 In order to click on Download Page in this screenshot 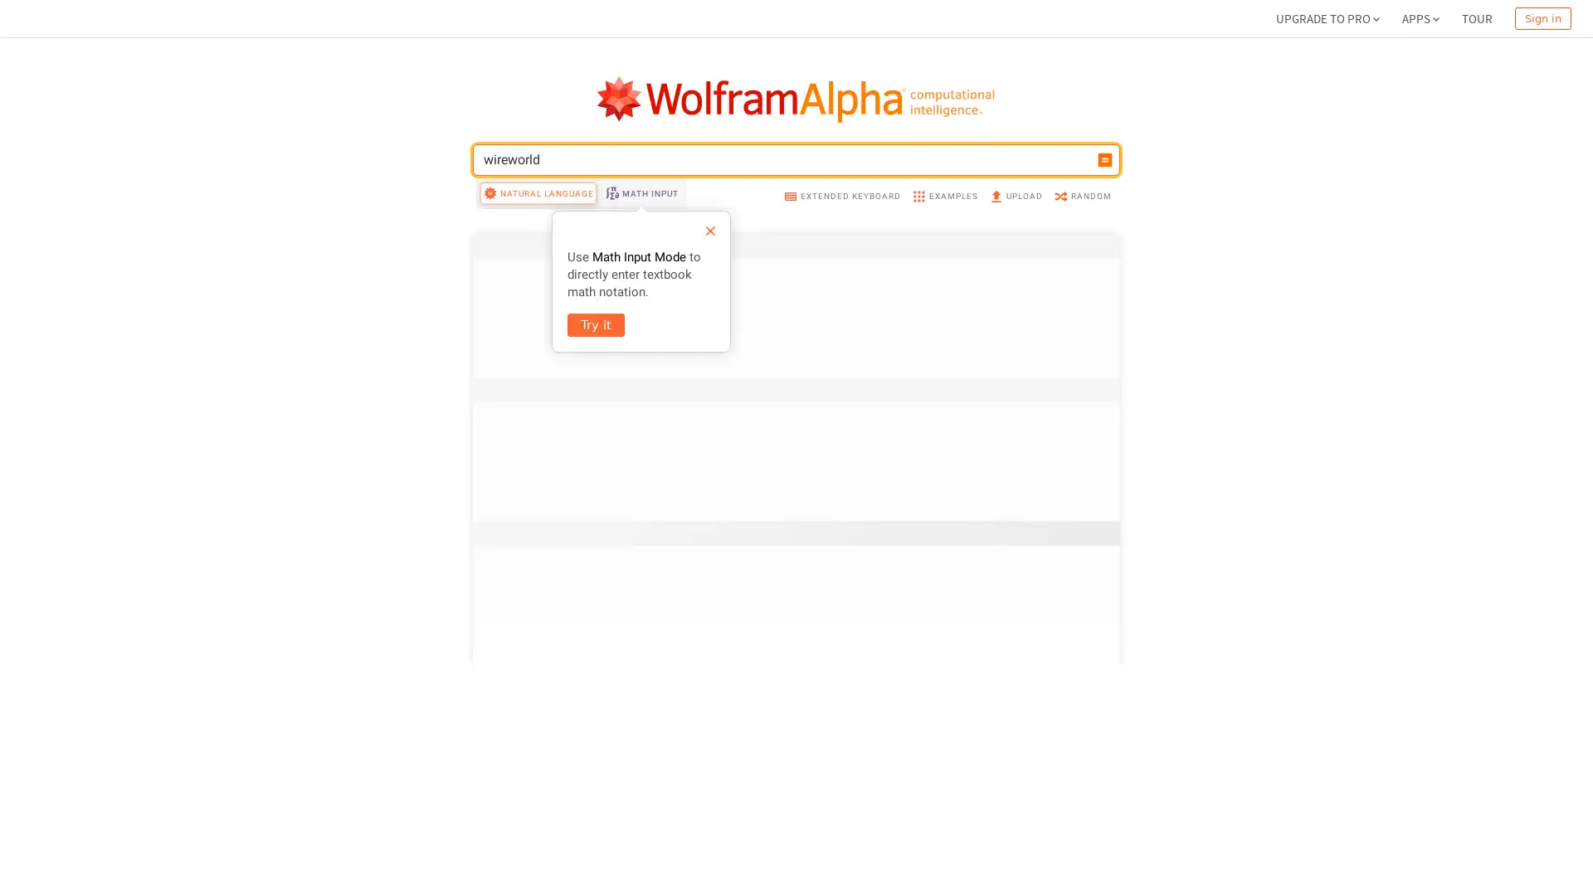, I will do `click(526, 863)`.